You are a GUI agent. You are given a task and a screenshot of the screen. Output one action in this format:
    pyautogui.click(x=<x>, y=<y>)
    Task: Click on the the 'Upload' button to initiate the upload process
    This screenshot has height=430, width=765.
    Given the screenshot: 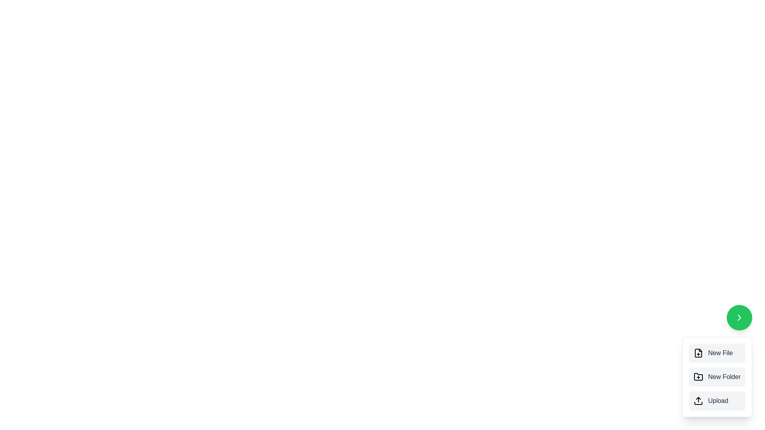 What is the action you would take?
    pyautogui.click(x=717, y=401)
    